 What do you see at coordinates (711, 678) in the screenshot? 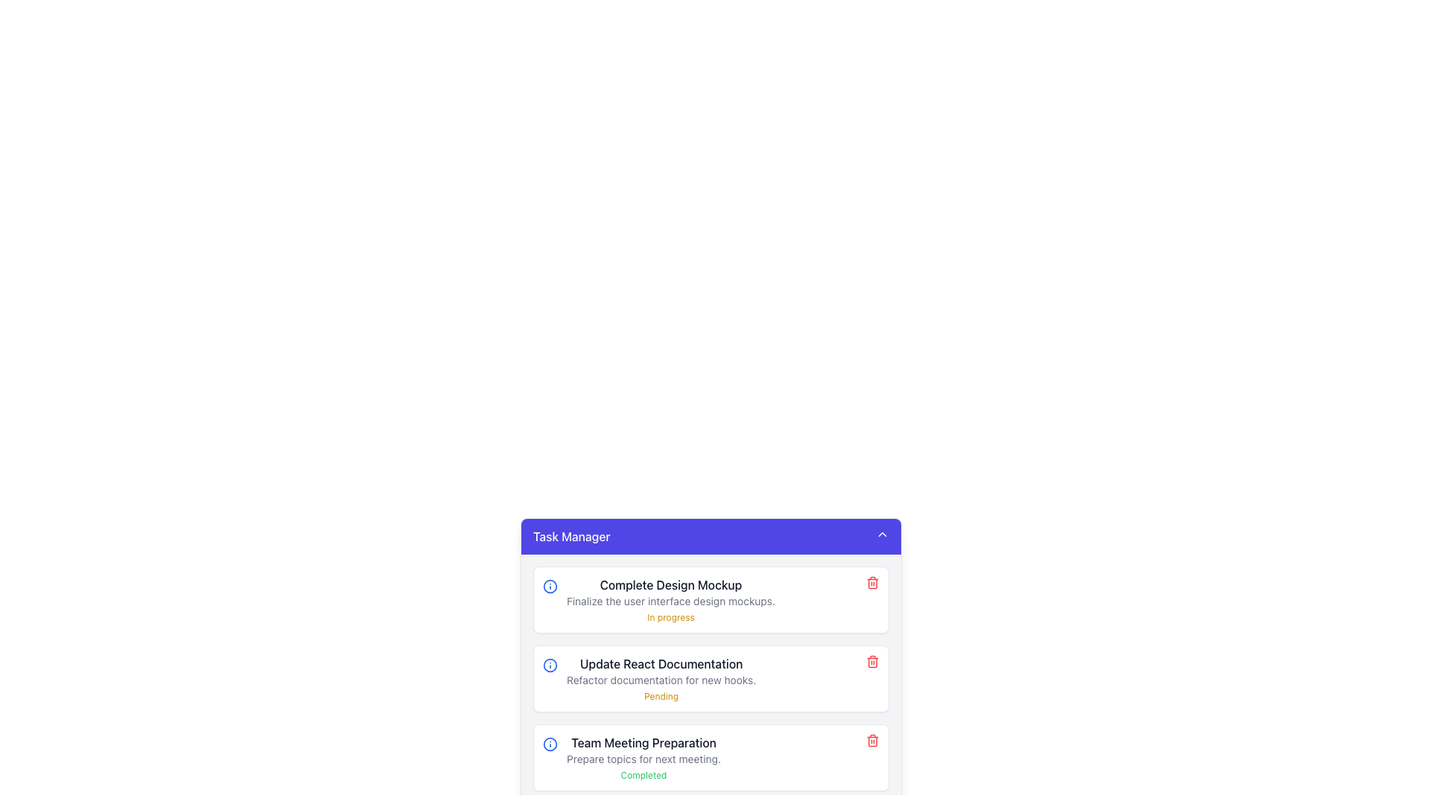
I see `the status label of the second task card in the task manager application, which is located between the 'Complete Design Mockup' and 'Team Meeting Preparation' cards` at bounding box center [711, 678].